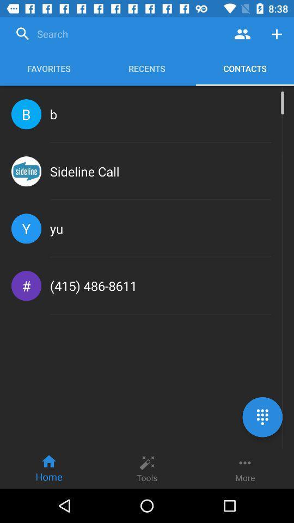 The image size is (294, 523). What do you see at coordinates (242, 34) in the screenshot?
I see `contacts` at bounding box center [242, 34].